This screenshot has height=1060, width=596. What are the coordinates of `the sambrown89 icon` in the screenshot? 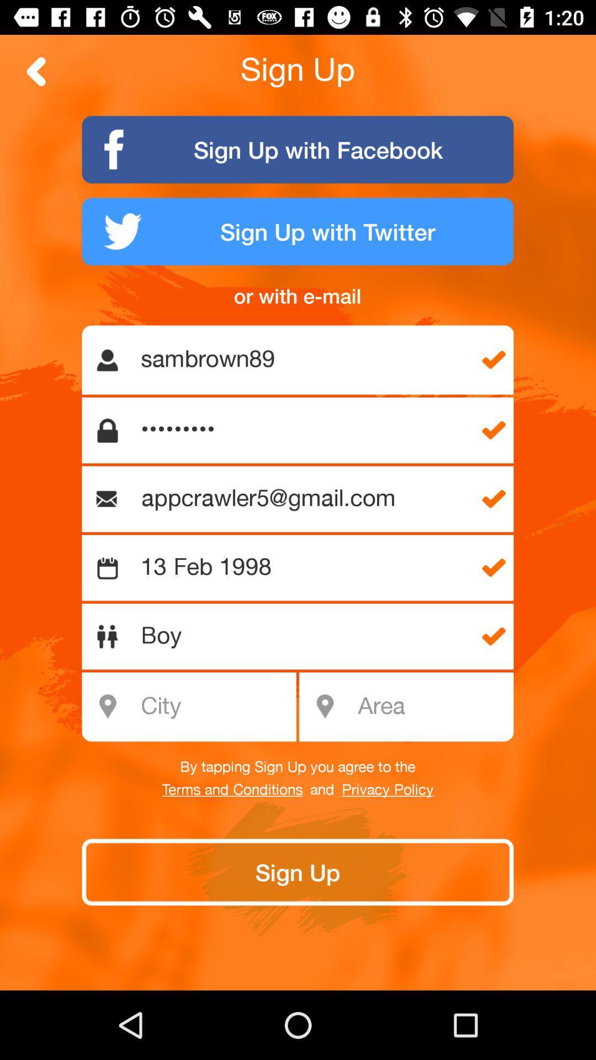 It's located at (304, 360).